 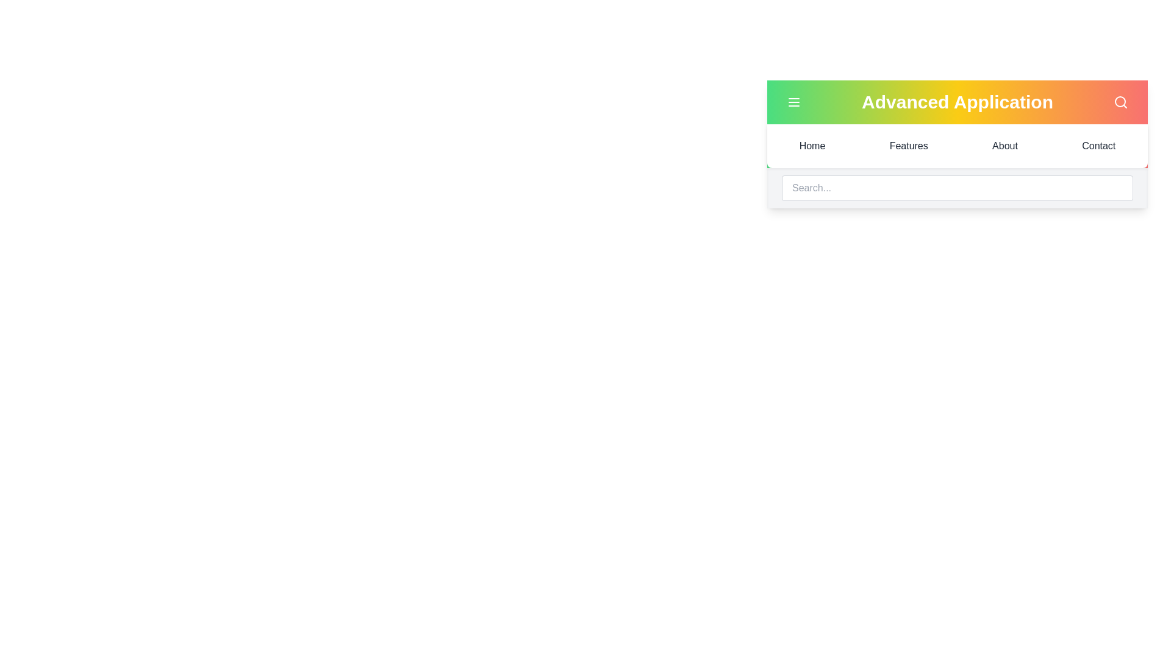 What do you see at coordinates (956, 188) in the screenshot?
I see `the search field and type the text 'example search'` at bounding box center [956, 188].